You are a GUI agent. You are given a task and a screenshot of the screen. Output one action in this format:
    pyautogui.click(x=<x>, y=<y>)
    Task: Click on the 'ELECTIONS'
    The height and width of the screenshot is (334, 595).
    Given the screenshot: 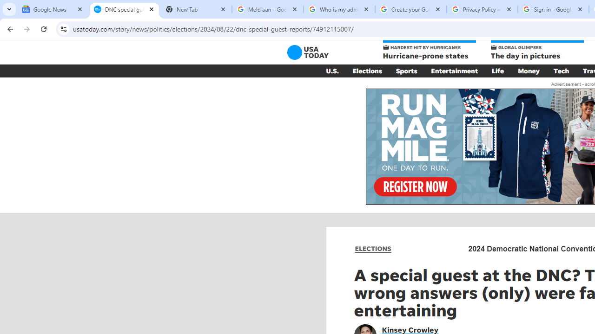 What is the action you would take?
    pyautogui.click(x=373, y=248)
    